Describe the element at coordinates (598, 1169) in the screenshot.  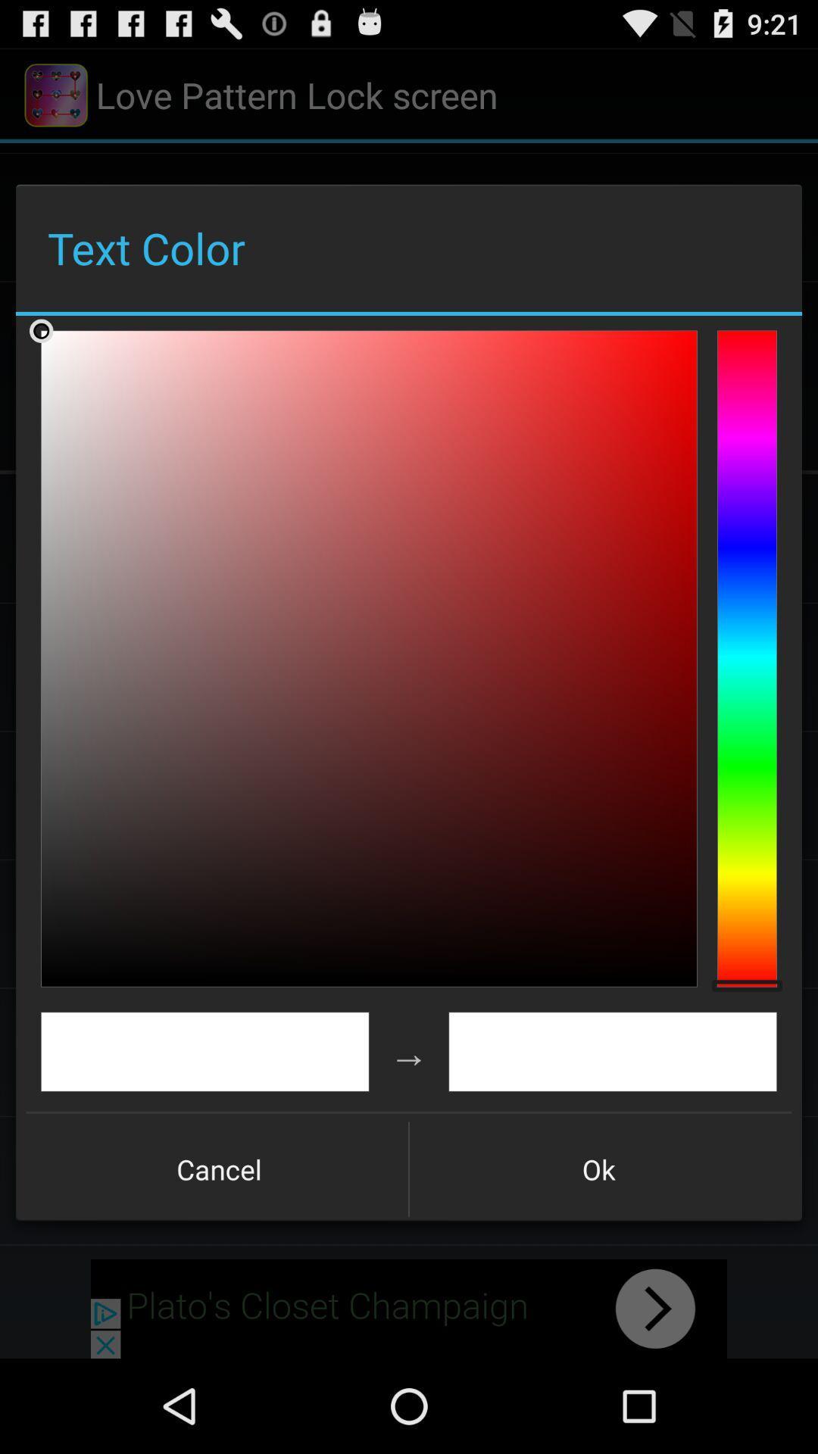
I see `ok item` at that location.